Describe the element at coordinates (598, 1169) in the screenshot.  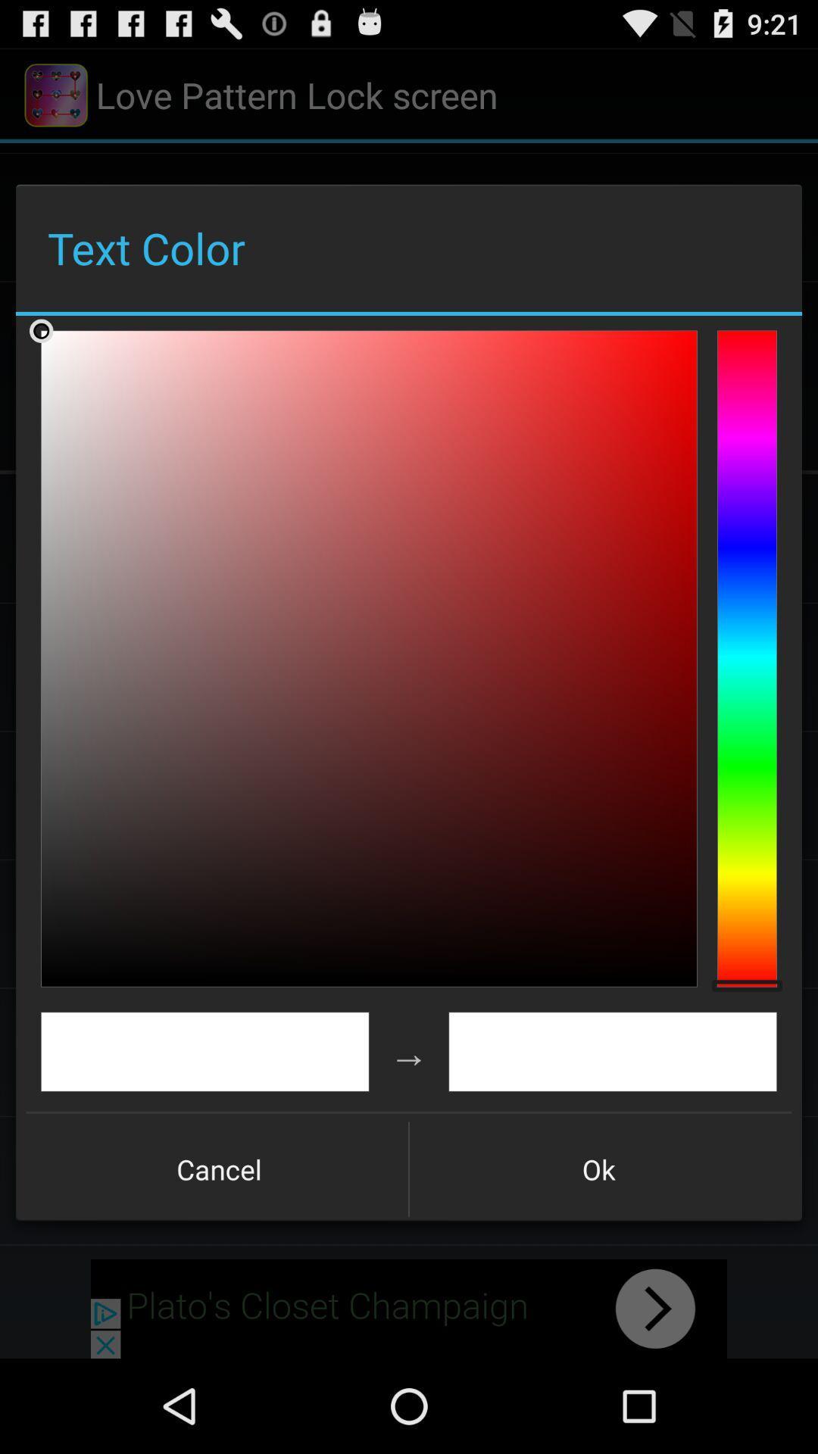
I see `ok item` at that location.